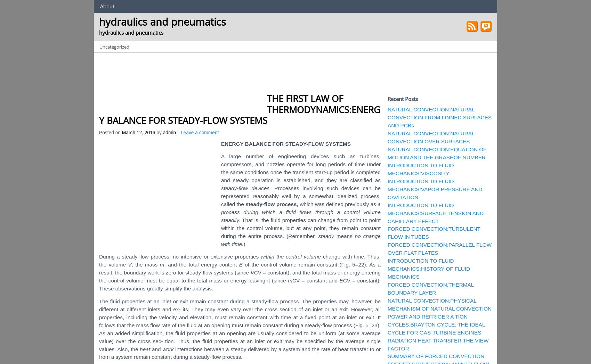  I want to click on 'INTRODUCTION TO FLUID MECHANICS:VISCOSITY', so click(420, 169).